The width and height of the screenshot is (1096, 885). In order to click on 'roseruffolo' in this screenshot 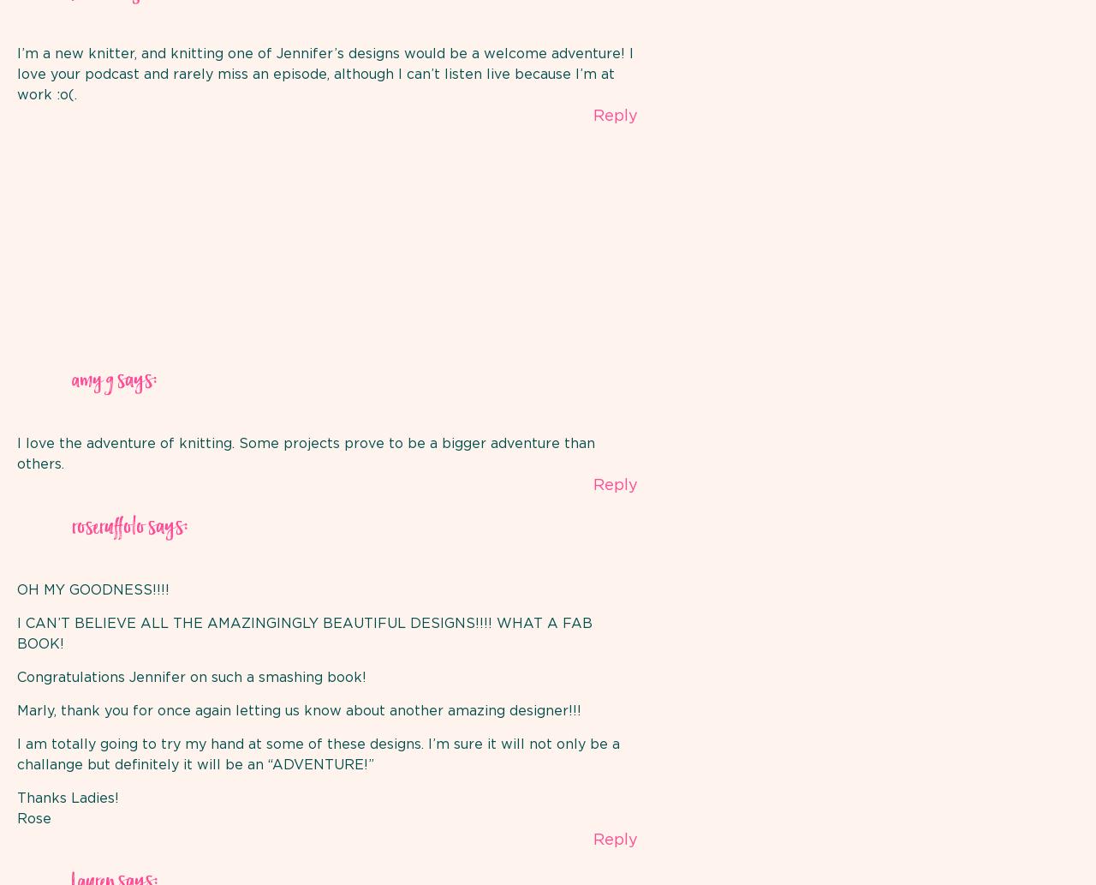, I will do `click(70, 527)`.